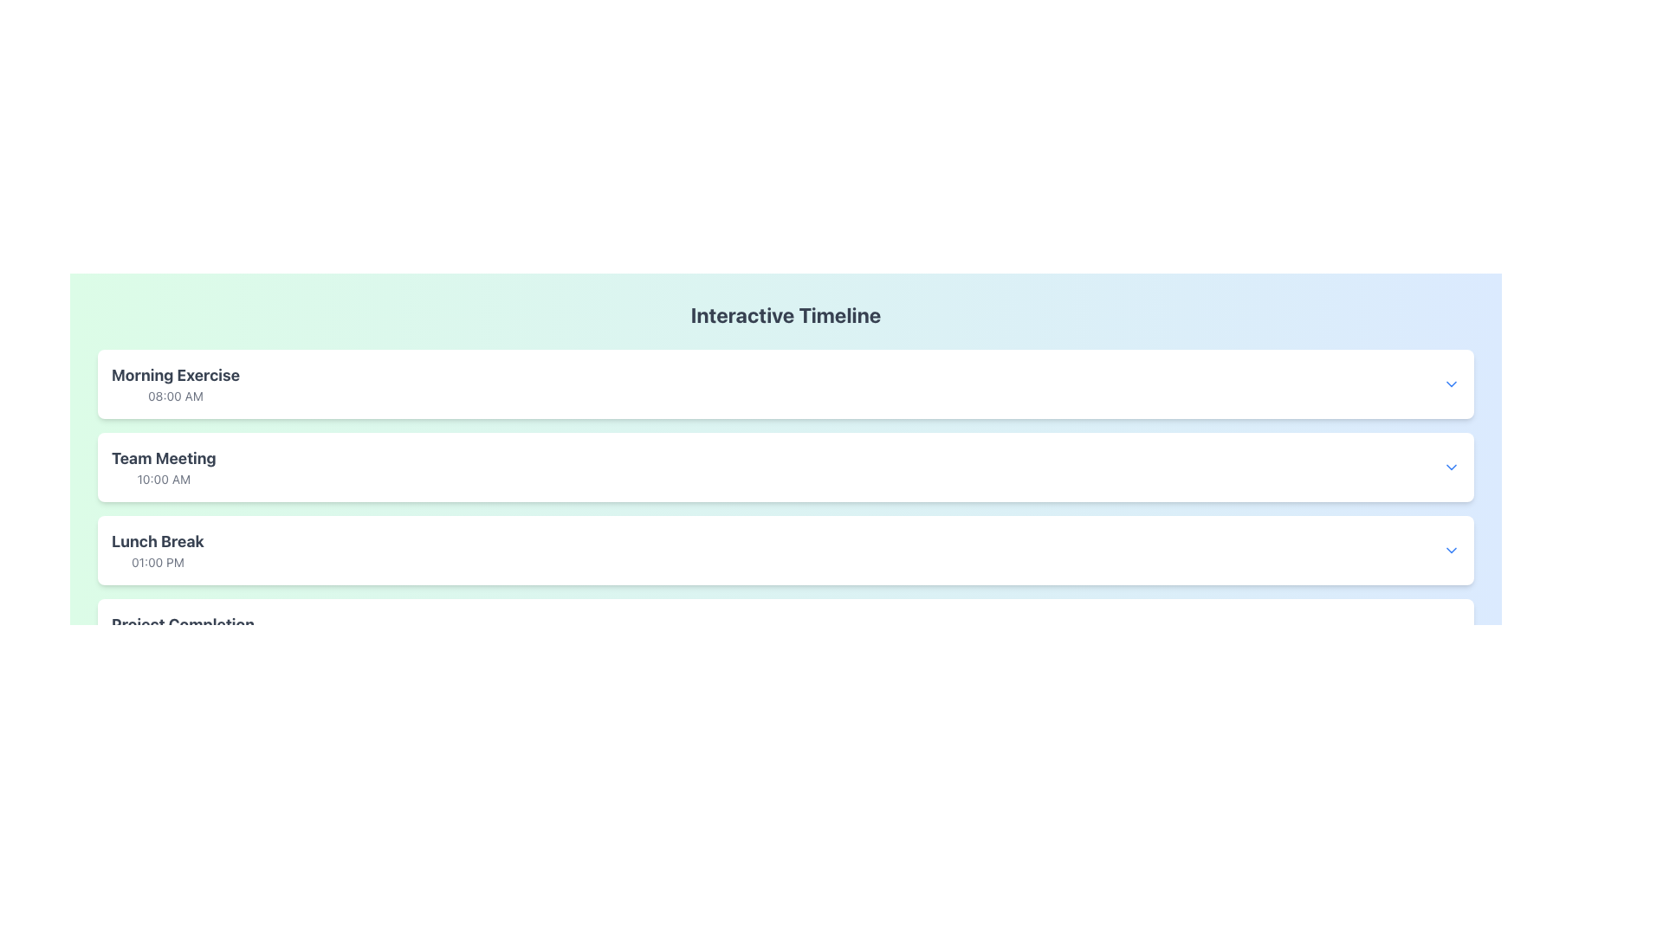 The image size is (1663, 935). What do you see at coordinates (183, 634) in the screenshot?
I see `the text block entry for 'Project Completion' scheduled at '04:00 PM' in the timeline interface, which is the fourth entry in the list` at bounding box center [183, 634].